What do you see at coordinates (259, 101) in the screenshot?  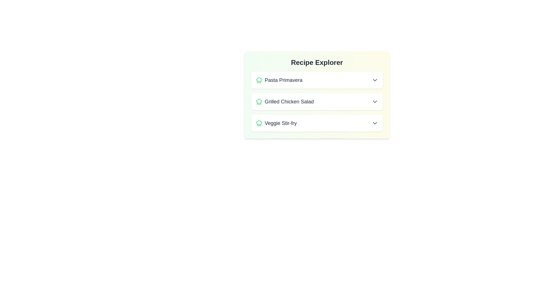 I see `the icon associated with Grilled Chicken Salad` at bounding box center [259, 101].